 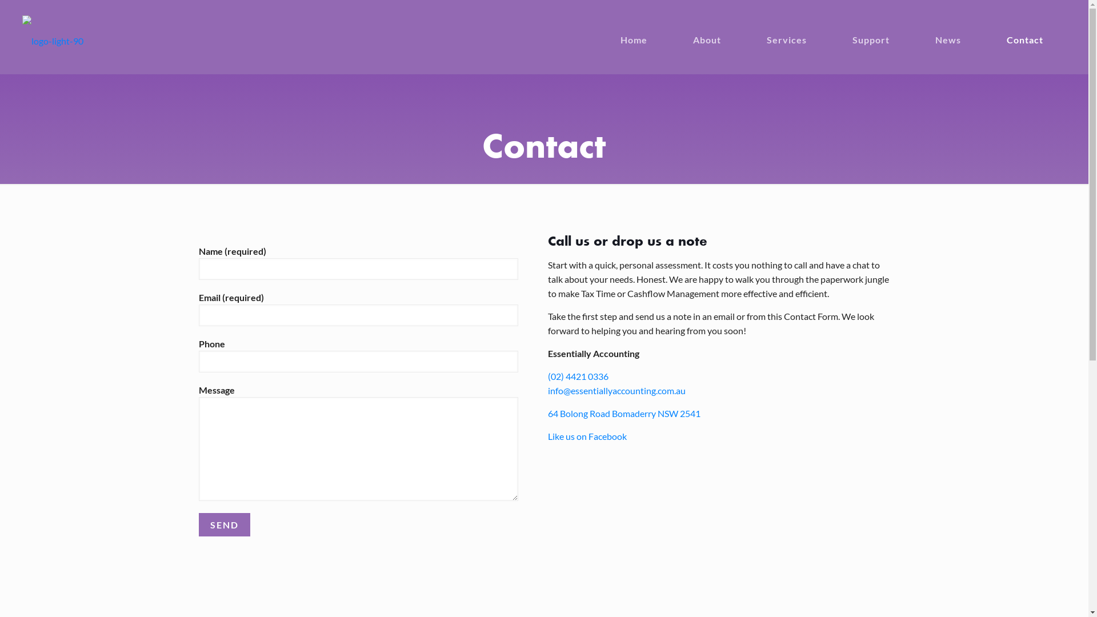 I want to click on '(02) 4421 0336', so click(x=578, y=376).